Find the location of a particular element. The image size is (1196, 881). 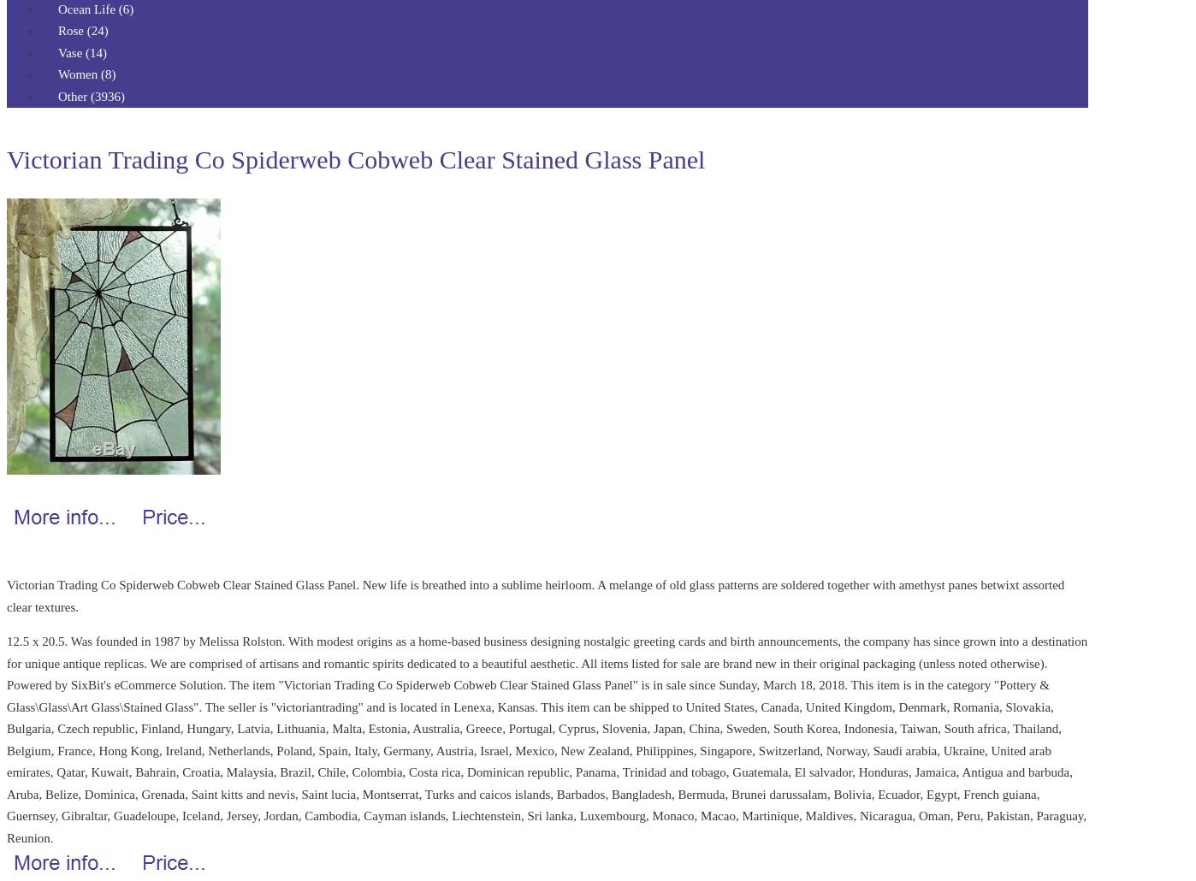

'Women (8)' is located at coordinates (57, 74).